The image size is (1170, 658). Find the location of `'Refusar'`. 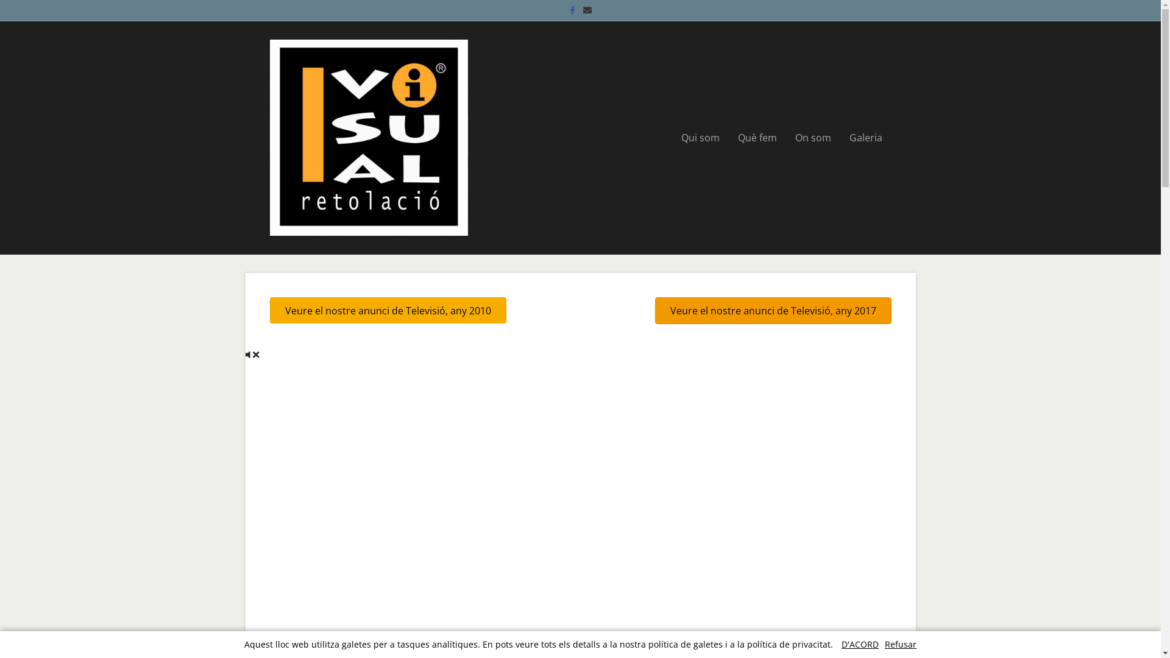

'Refusar' is located at coordinates (901, 643).